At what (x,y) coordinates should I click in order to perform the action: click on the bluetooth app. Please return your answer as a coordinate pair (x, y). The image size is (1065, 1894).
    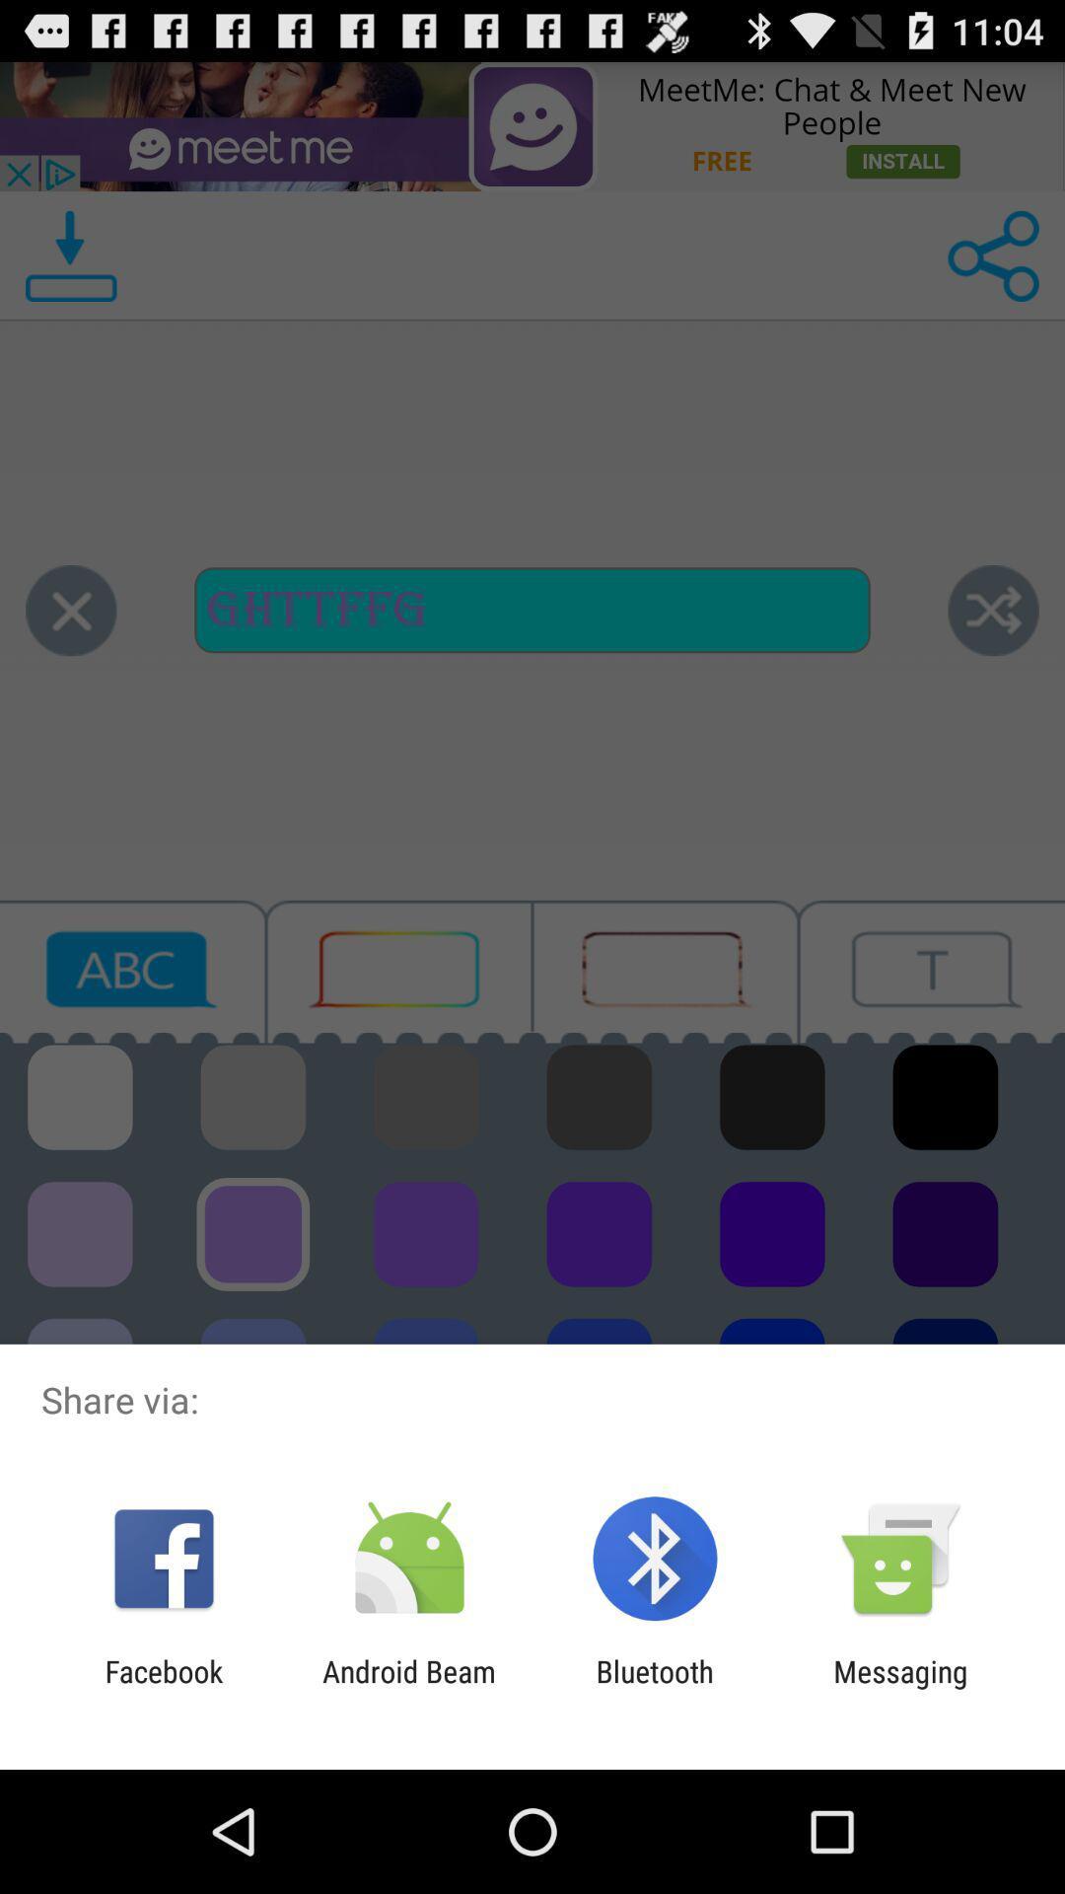
    Looking at the image, I should click on (655, 1688).